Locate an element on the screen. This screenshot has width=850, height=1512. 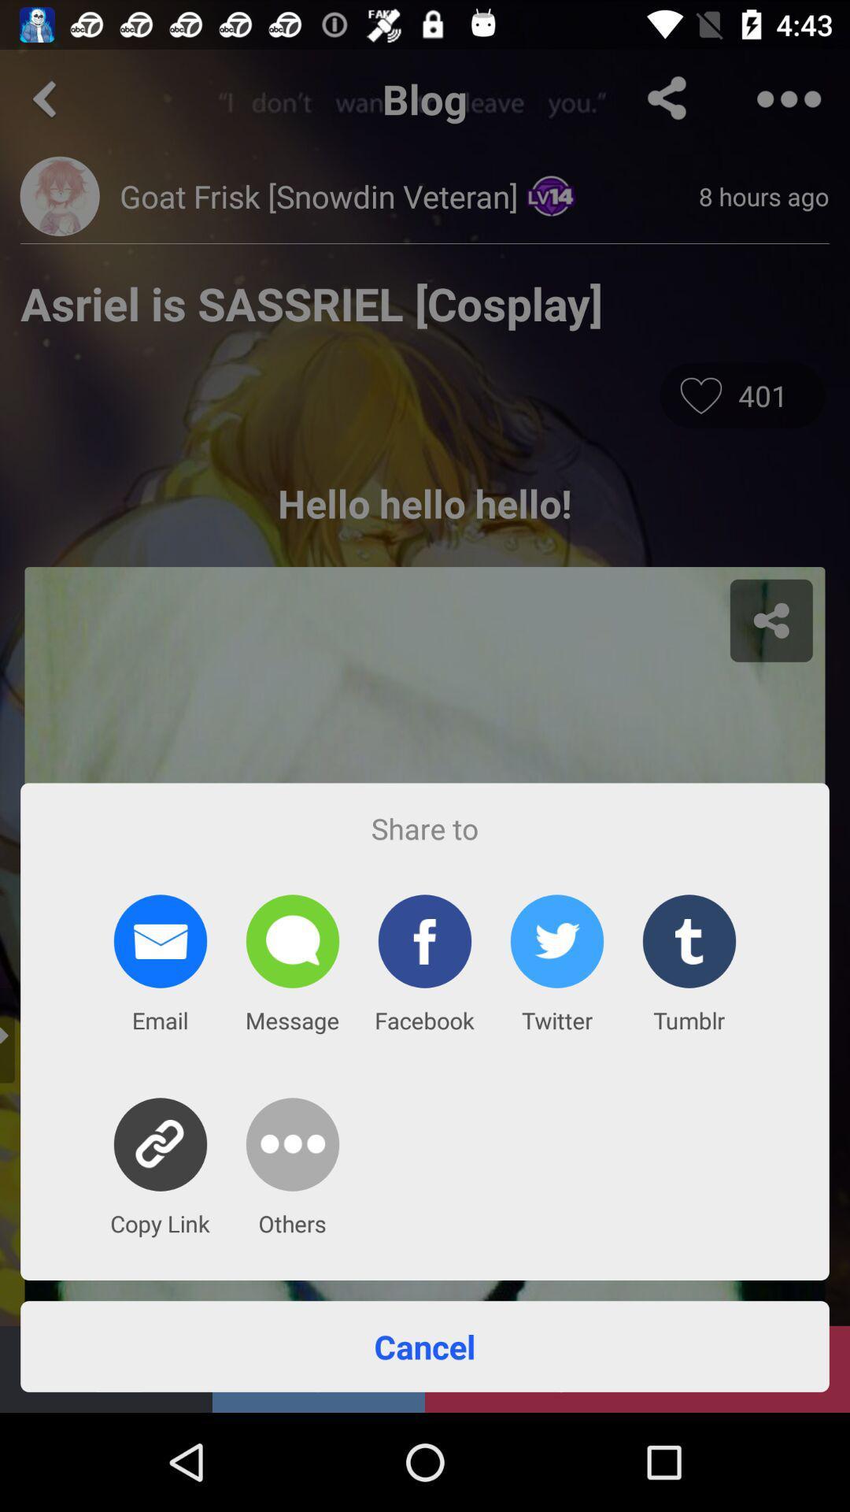
cancel is located at coordinates (425, 1345).